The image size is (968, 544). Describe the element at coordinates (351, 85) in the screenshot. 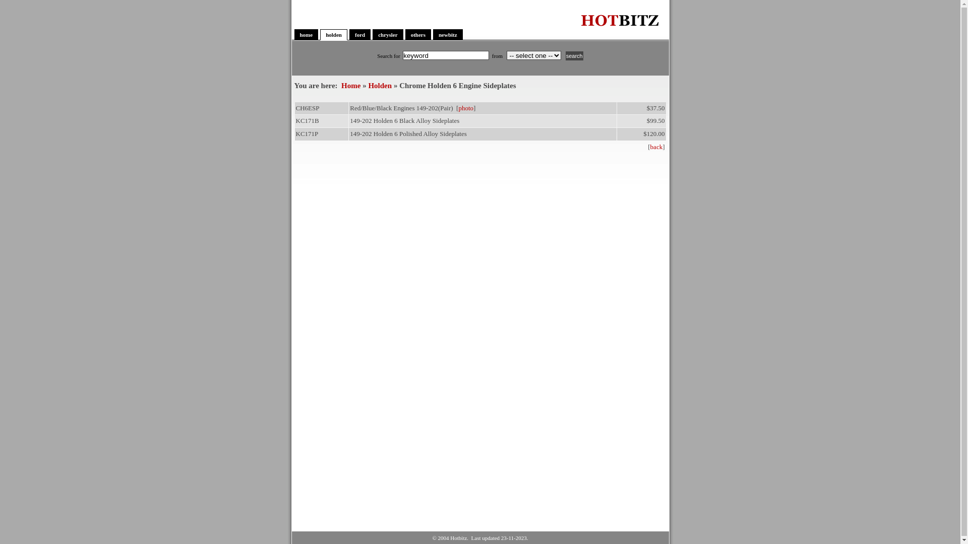

I see `'Home'` at that location.